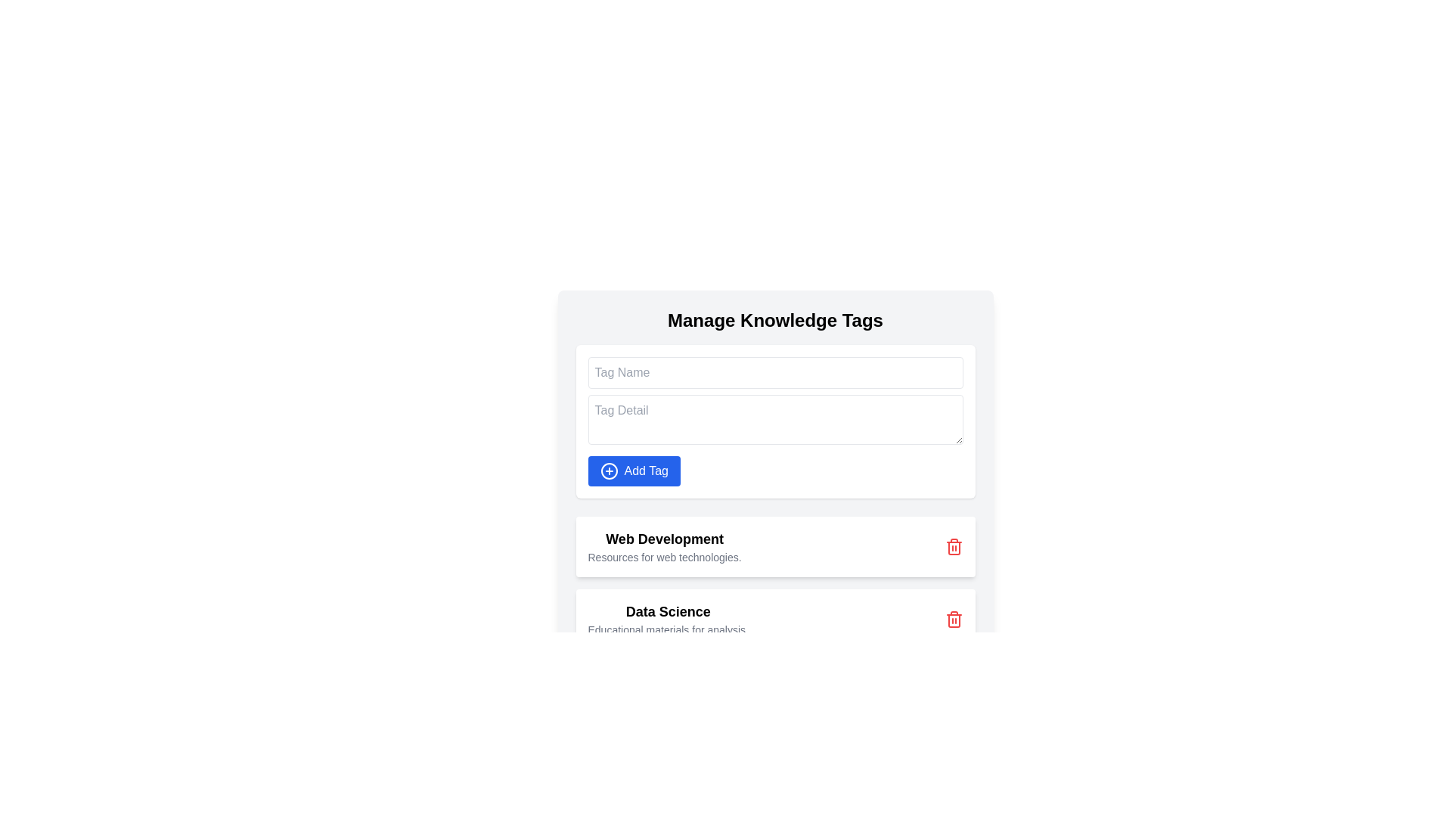 This screenshot has height=817, width=1452. I want to click on the composite element containing the title 'Web Development' and description 'Resources for web technologies', so click(664, 546).